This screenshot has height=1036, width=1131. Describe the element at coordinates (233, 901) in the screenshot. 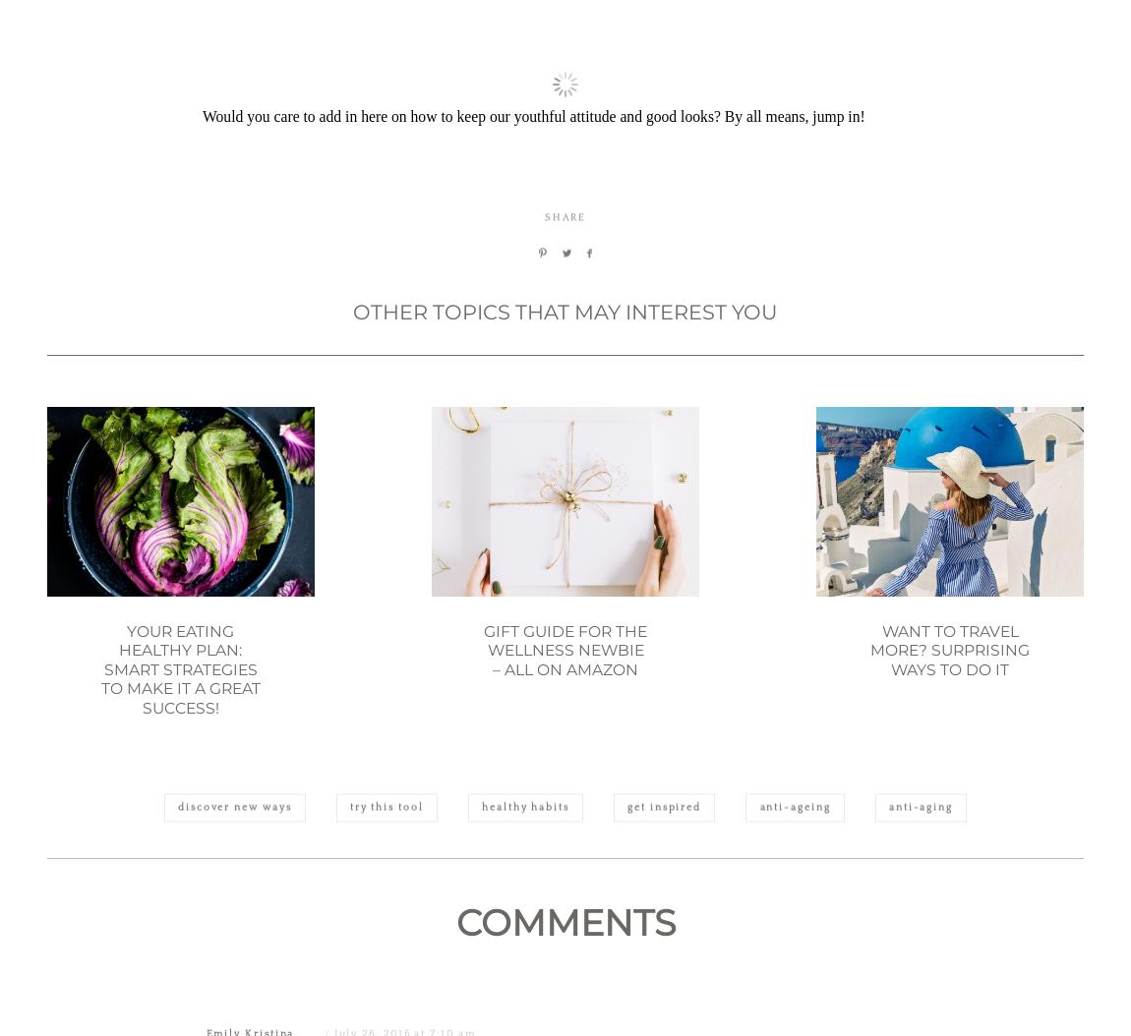

I see `'discover new ways'` at that location.